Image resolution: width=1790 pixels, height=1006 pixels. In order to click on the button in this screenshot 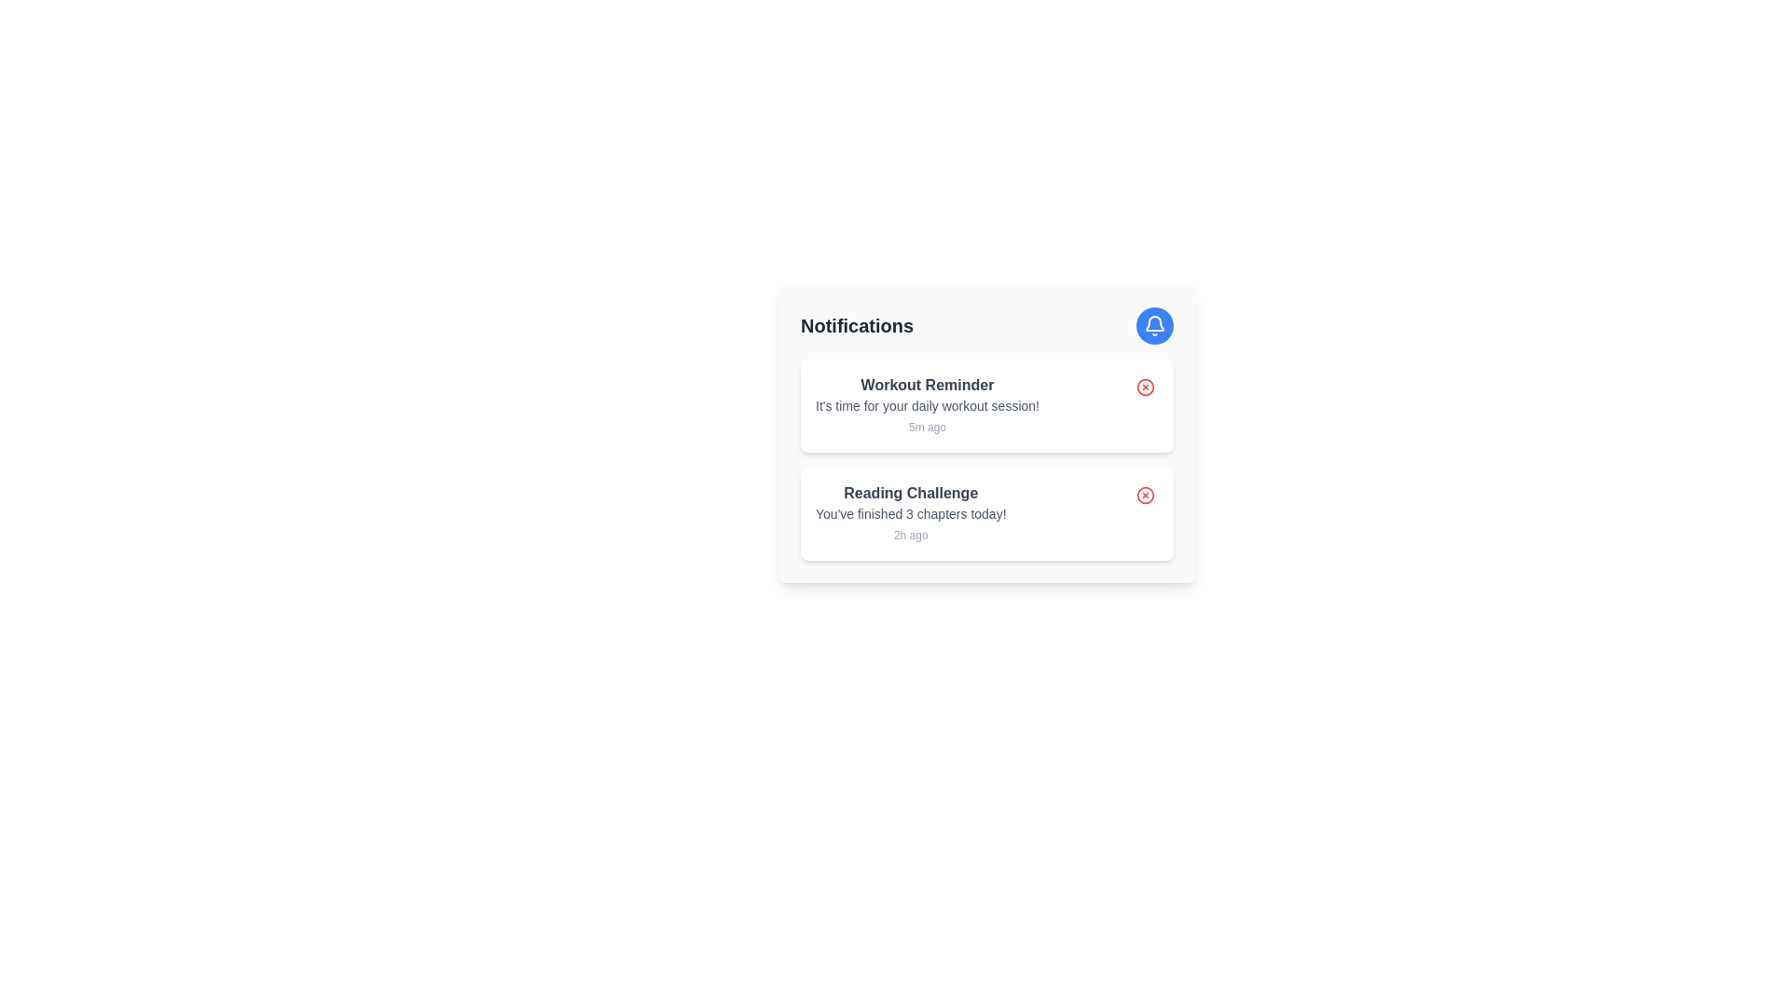, I will do `click(1144, 495)`.